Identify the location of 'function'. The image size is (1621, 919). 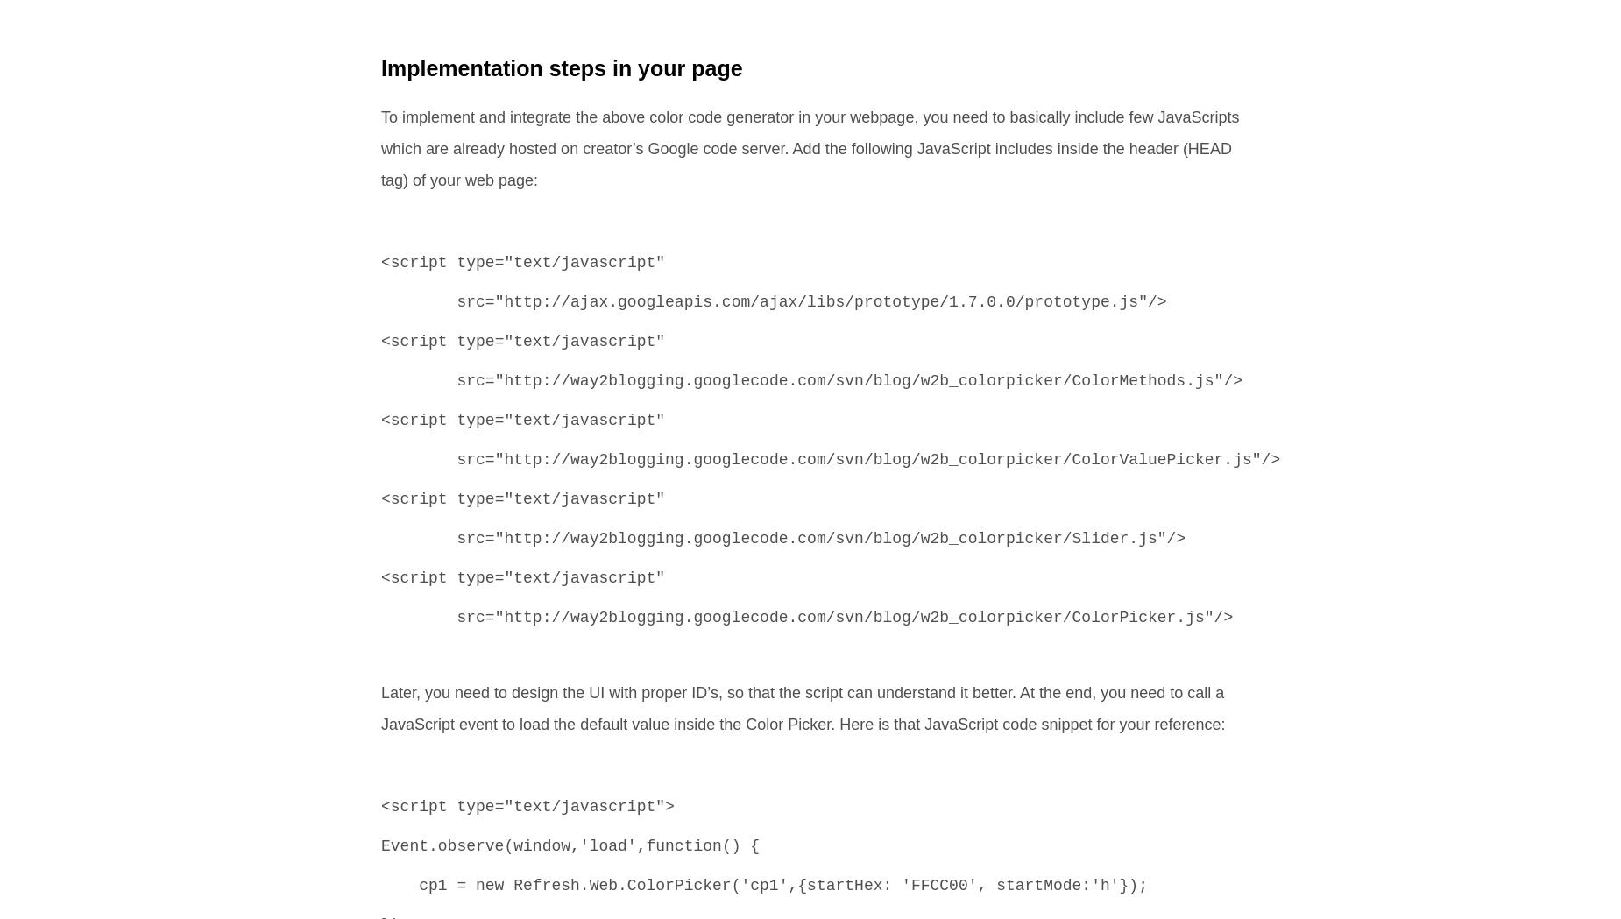
(683, 846).